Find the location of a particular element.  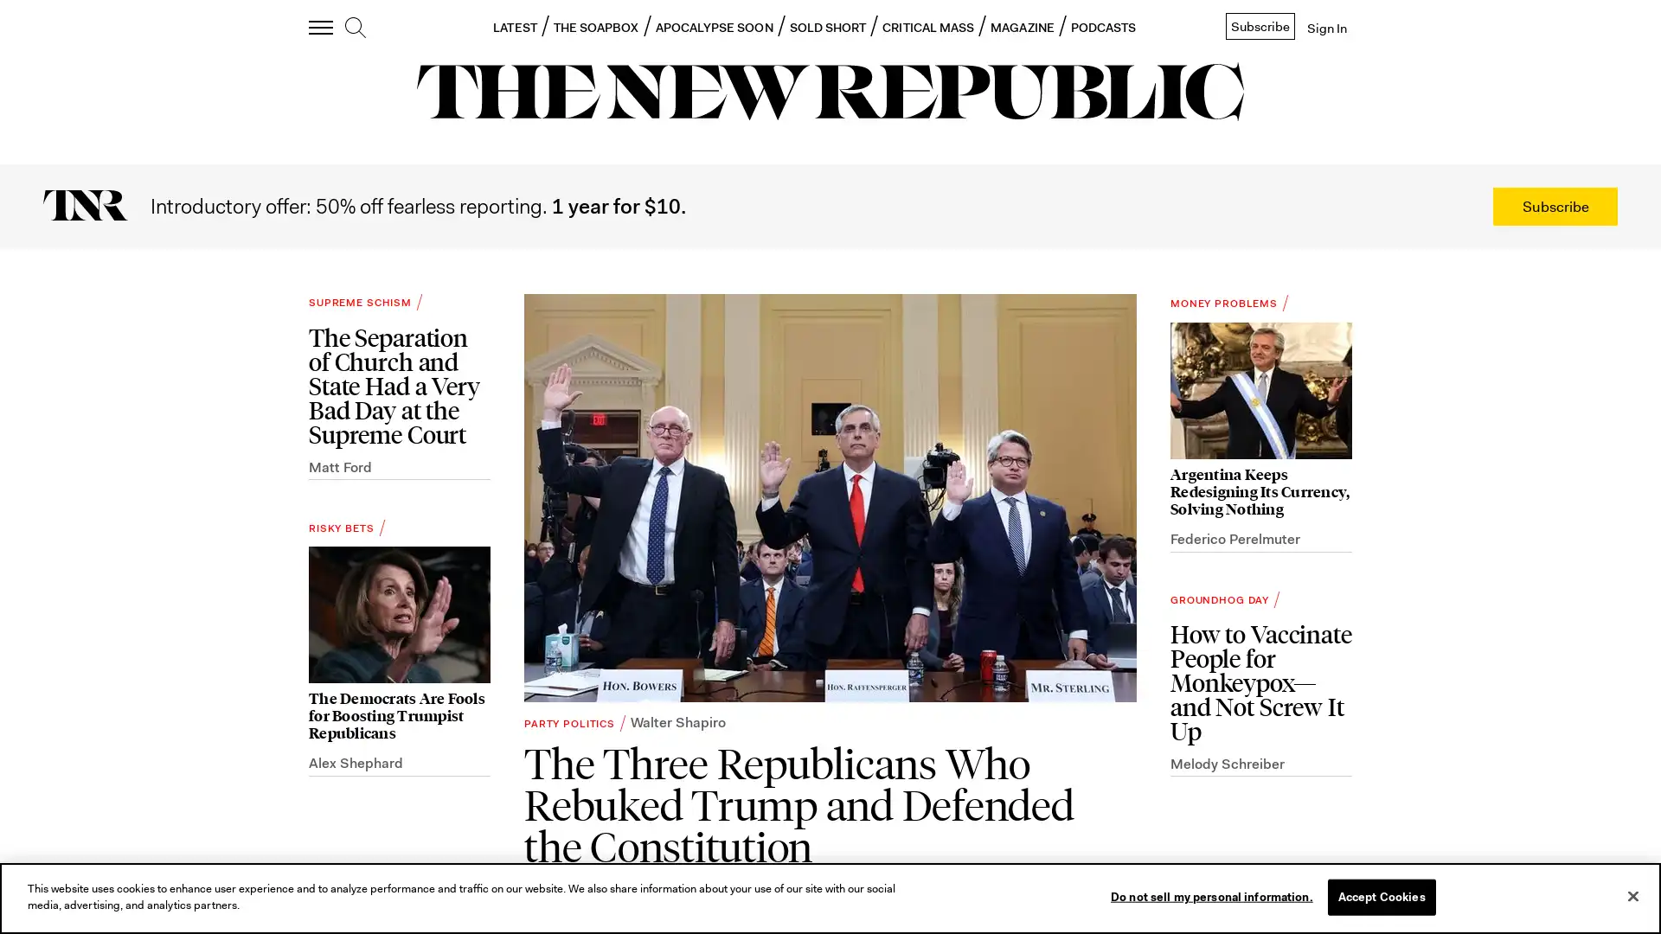

Close is located at coordinates (1632, 895).